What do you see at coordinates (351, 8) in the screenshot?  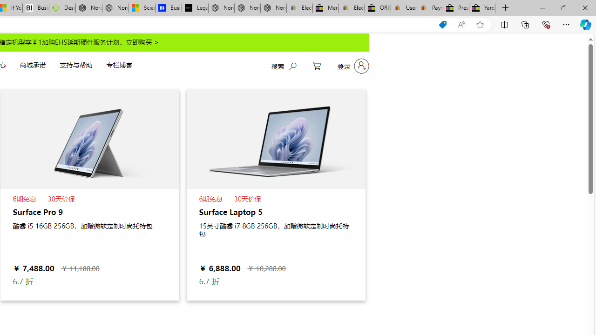 I see `'Electronics, Cars, Fashion, Collectibles & More | eBay'` at bounding box center [351, 8].